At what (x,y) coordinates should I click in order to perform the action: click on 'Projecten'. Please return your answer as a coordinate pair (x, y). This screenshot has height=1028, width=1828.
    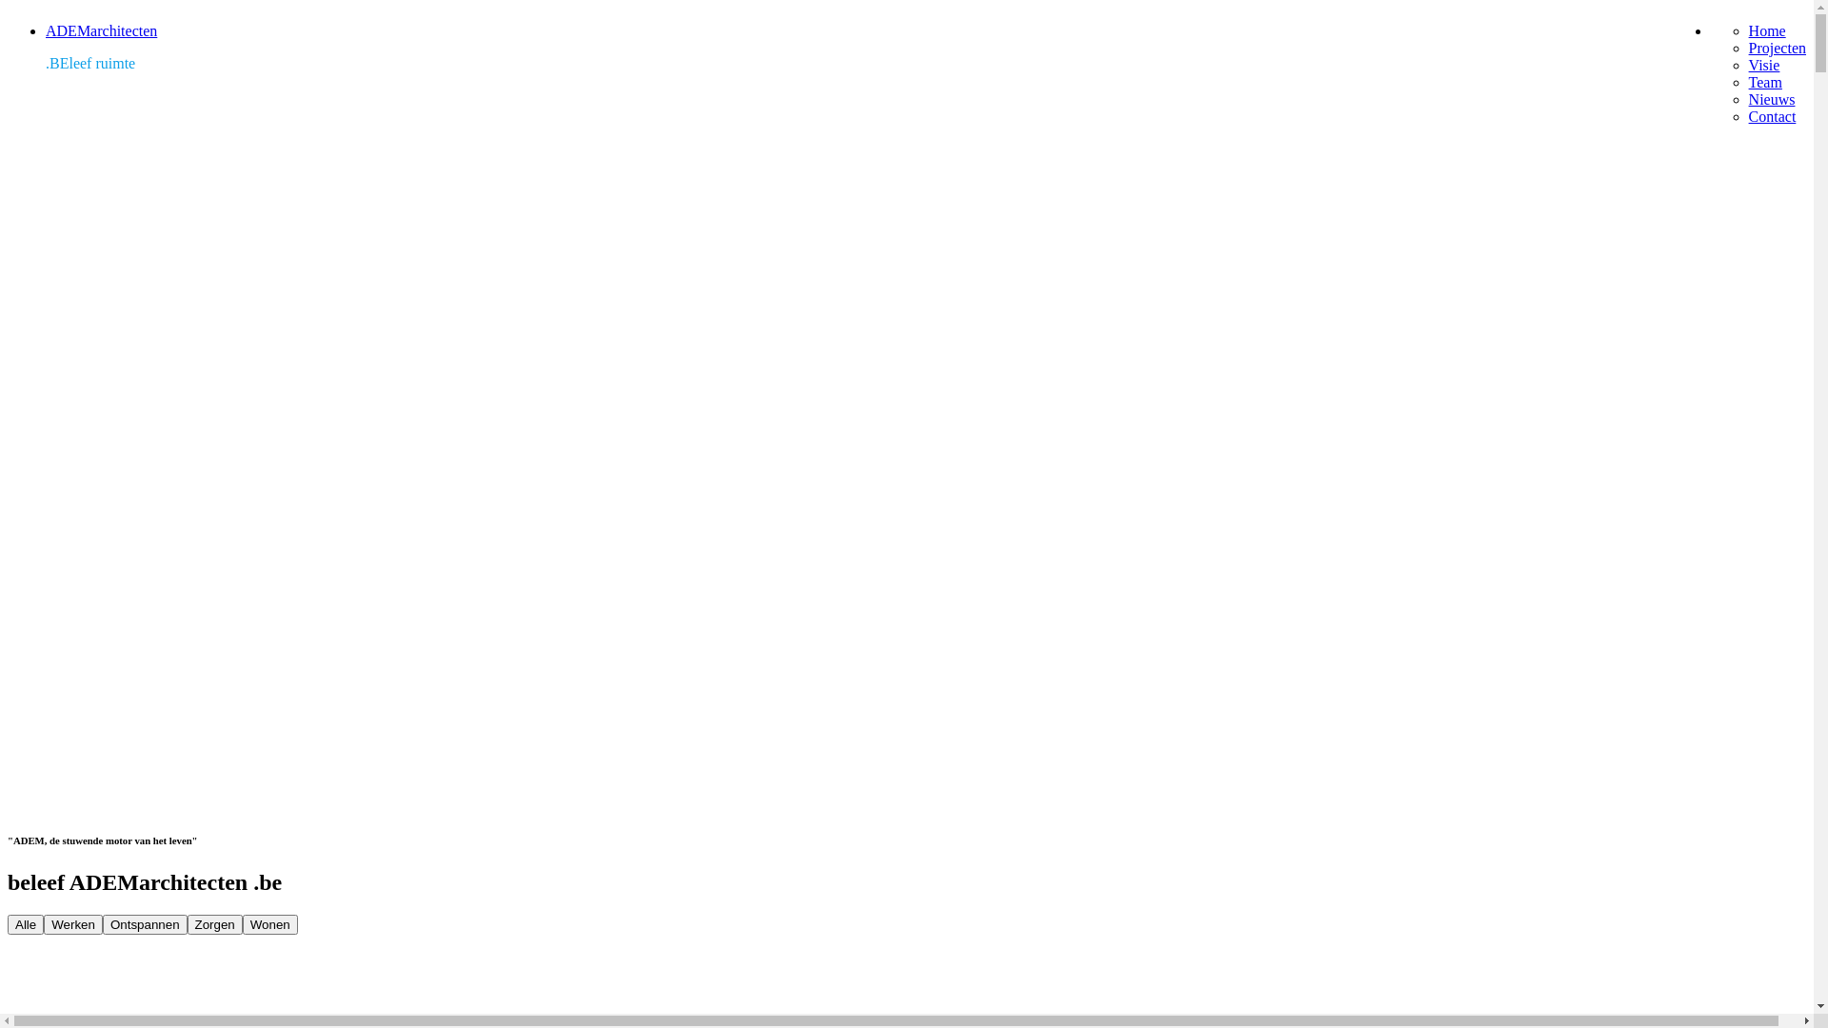
    Looking at the image, I should click on (1777, 47).